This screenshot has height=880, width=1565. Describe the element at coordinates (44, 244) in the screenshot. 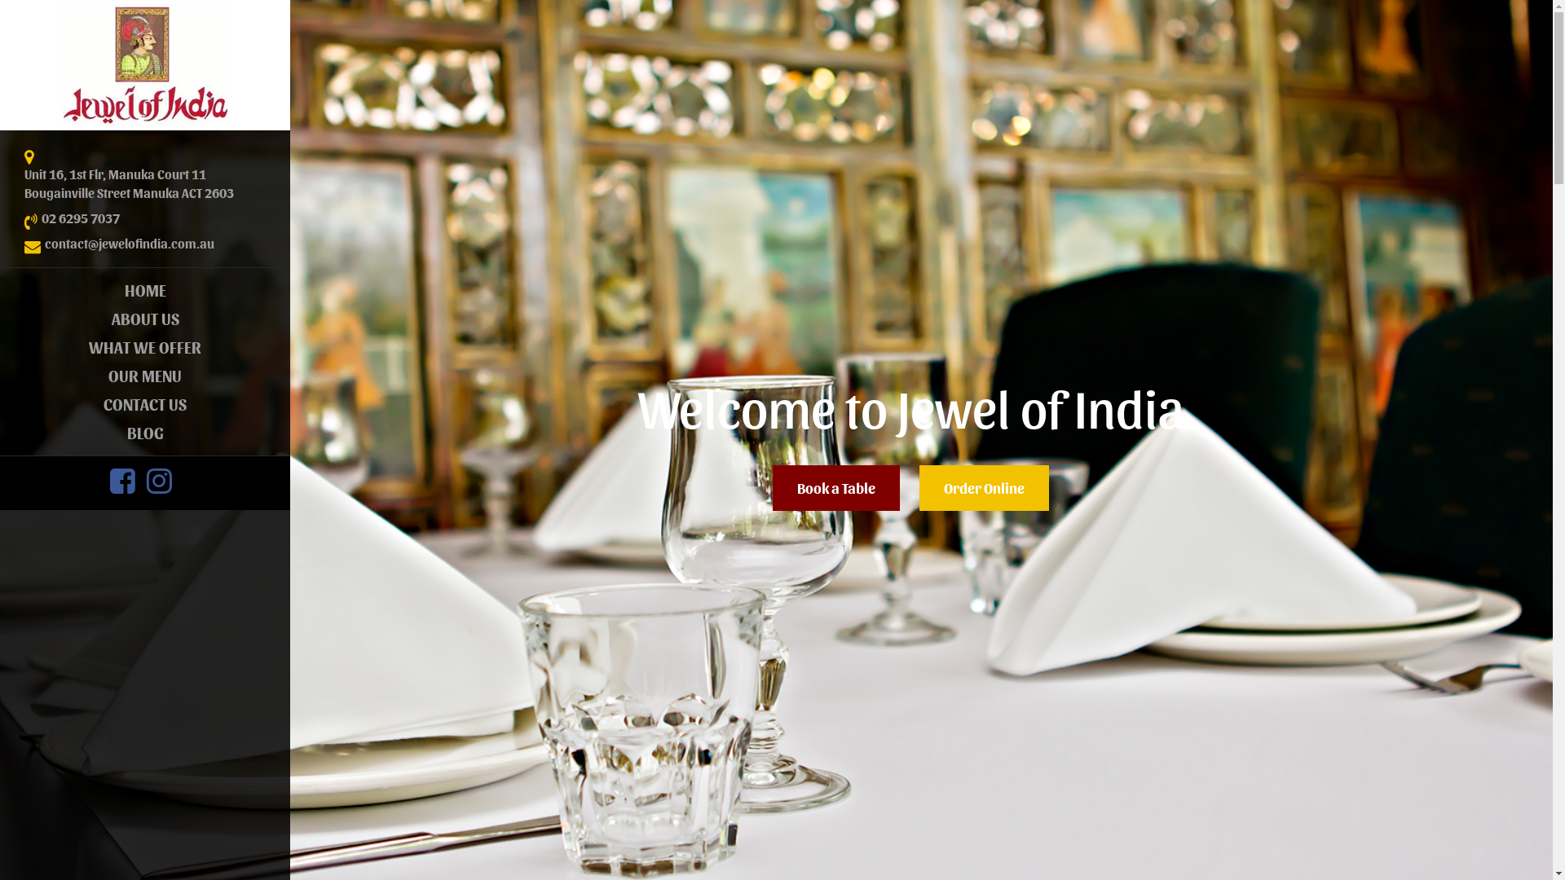

I see `'contact@jewelofindia.com.au'` at that location.